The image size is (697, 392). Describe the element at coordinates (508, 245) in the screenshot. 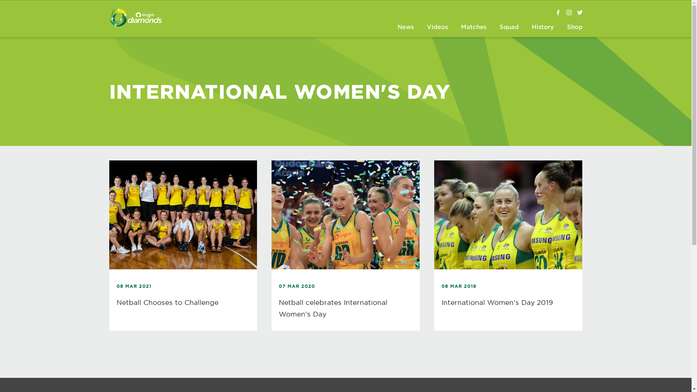

I see `'08 MAR 2019` at that location.